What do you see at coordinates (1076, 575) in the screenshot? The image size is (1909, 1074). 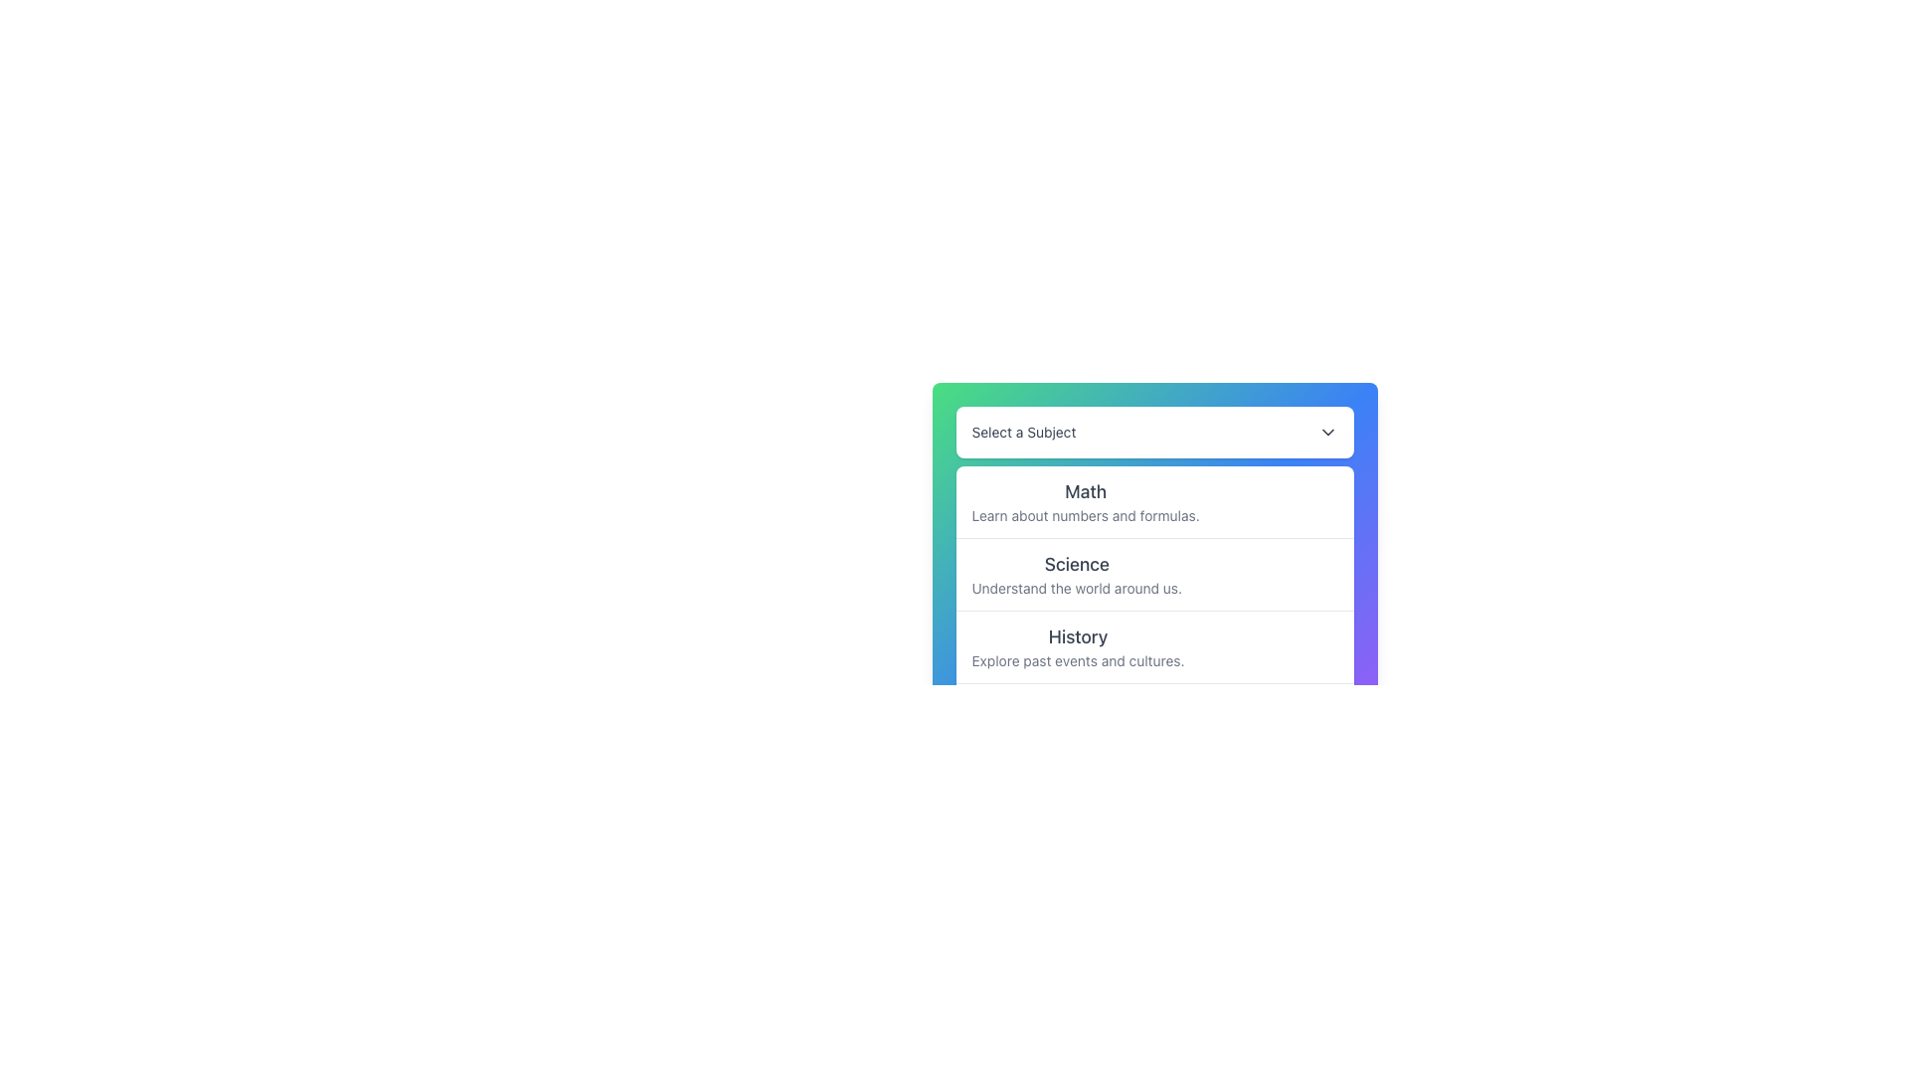 I see `the selectable menu item for Science, which is the second item in the vertical selection menu` at bounding box center [1076, 575].